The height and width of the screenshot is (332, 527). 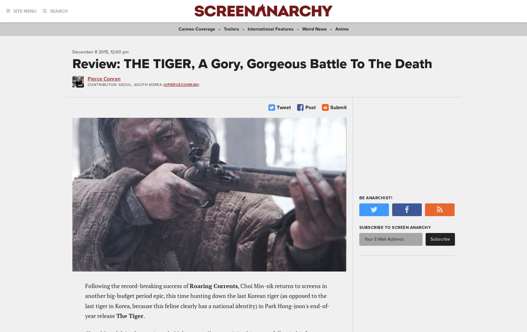 What do you see at coordinates (71, 51) in the screenshot?
I see `'December 8 2015, 12:00 pm'` at bounding box center [71, 51].